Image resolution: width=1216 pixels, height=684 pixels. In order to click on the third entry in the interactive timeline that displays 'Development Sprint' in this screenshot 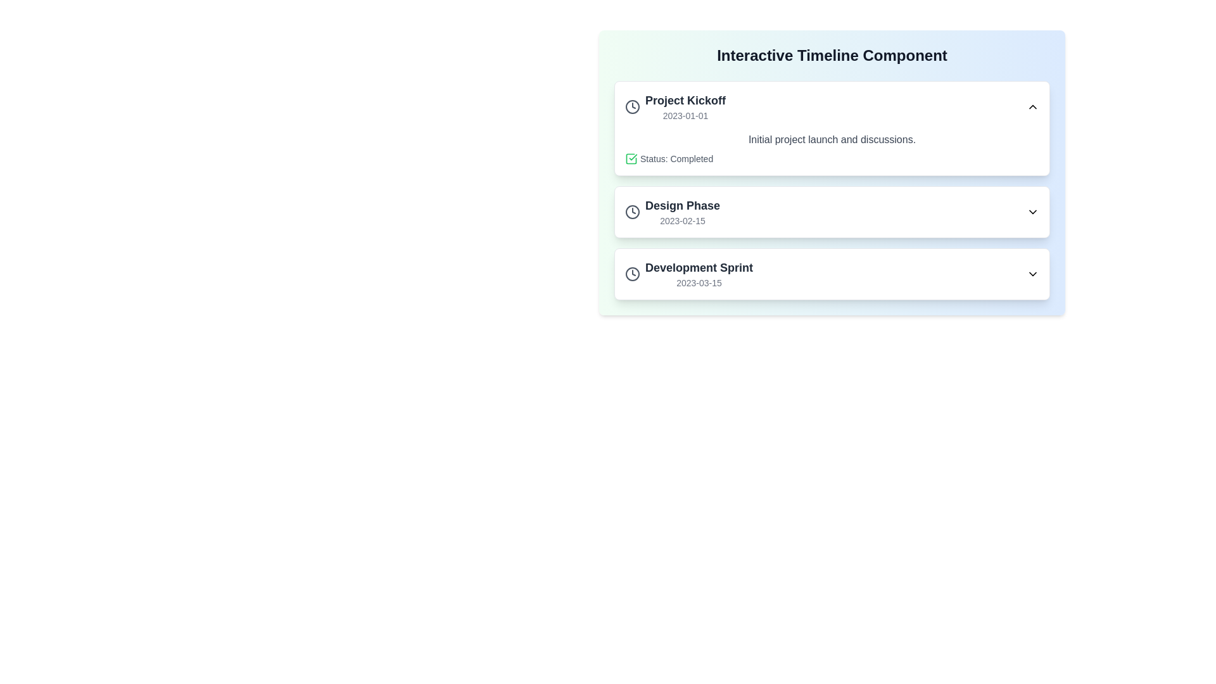, I will do `click(688, 273)`.